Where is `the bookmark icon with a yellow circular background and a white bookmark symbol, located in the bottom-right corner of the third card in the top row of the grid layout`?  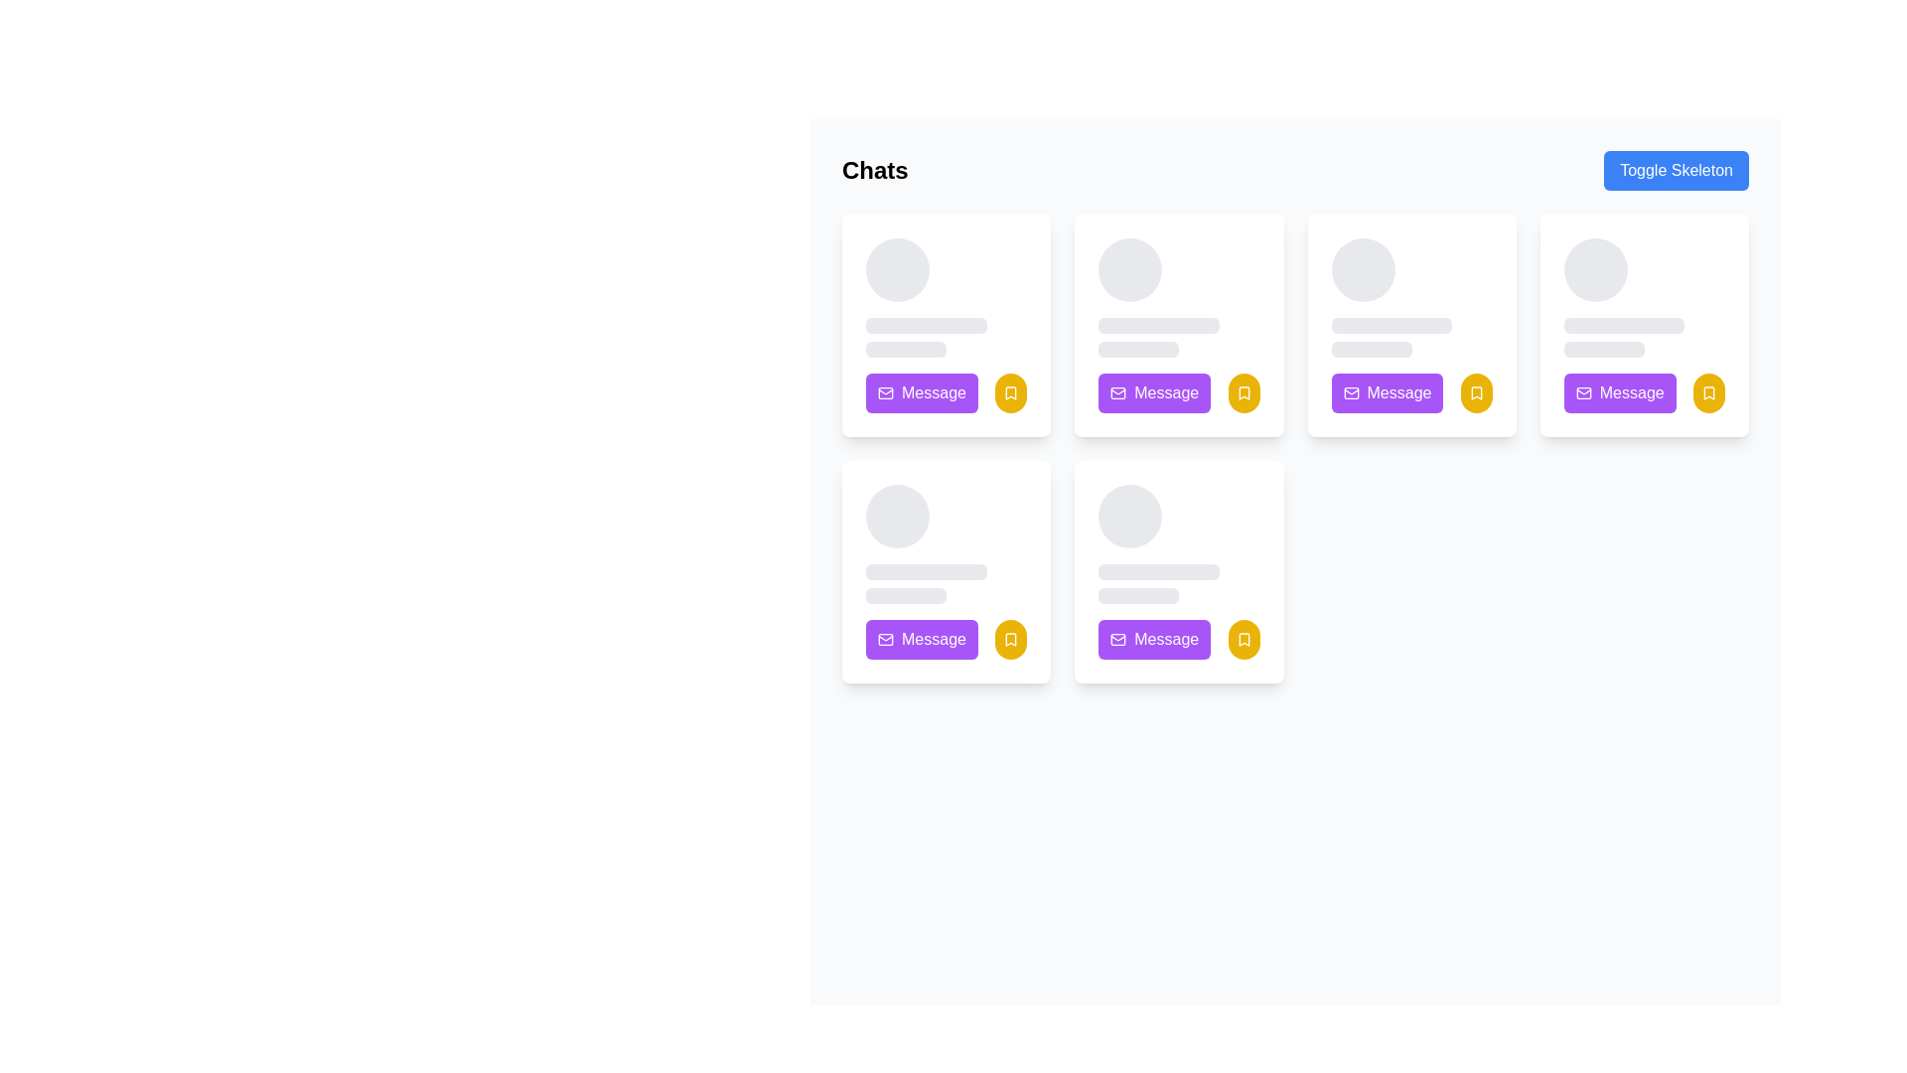
the bookmark icon with a yellow circular background and a white bookmark symbol, located in the bottom-right corner of the third card in the top row of the grid layout is located at coordinates (1476, 393).